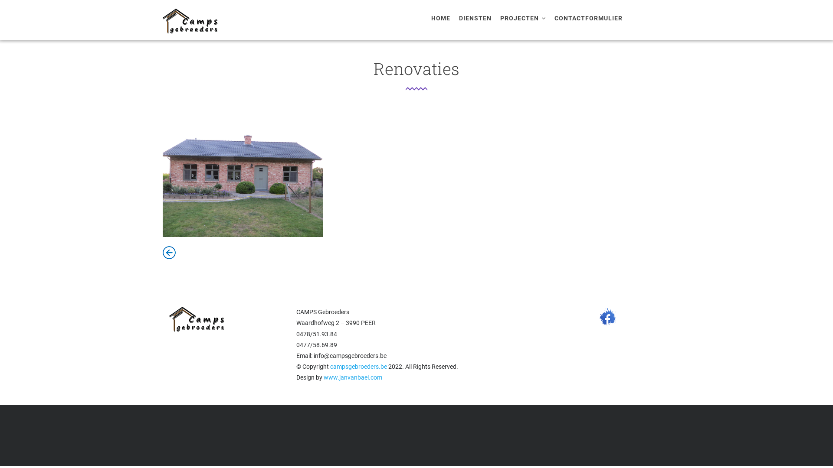  Describe the element at coordinates (358, 366) in the screenshot. I see `'campsgebroeders.be'` at that location.